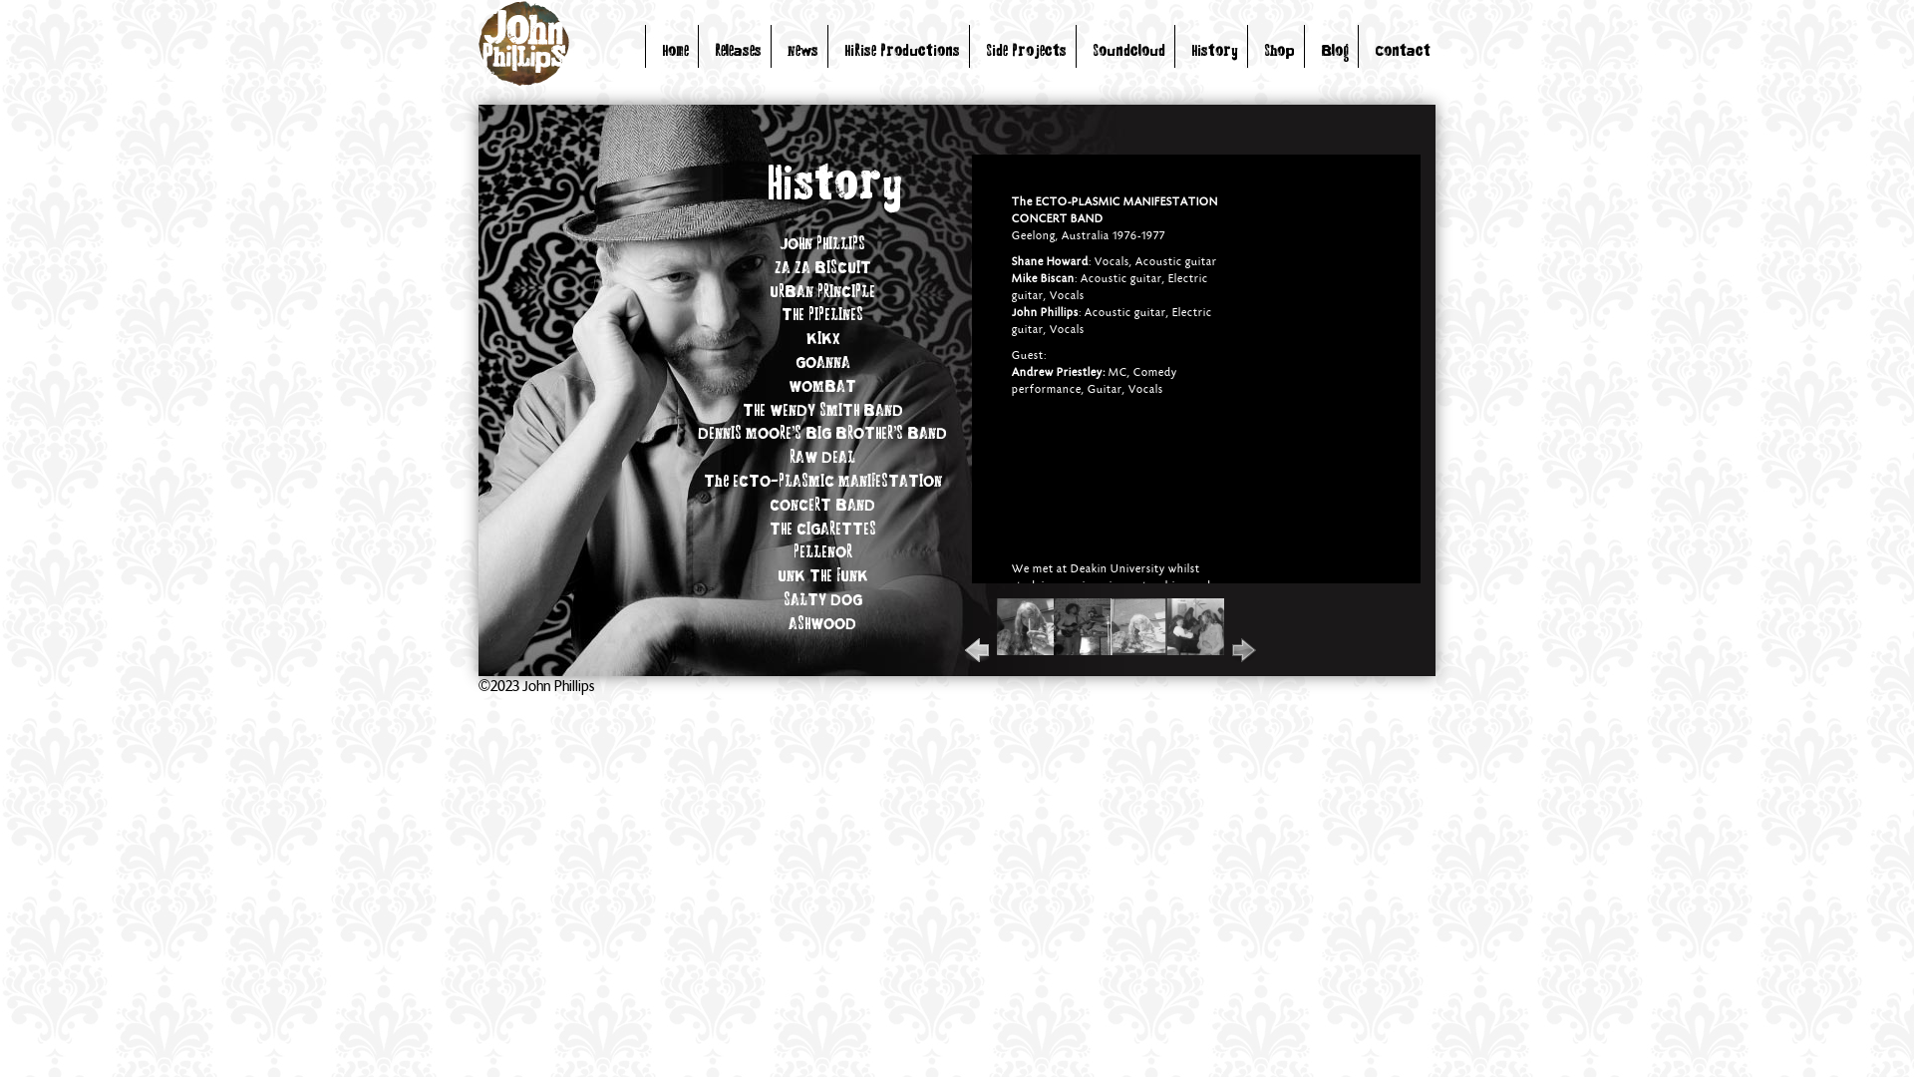 This screenshot has width=1914, height=1077. Describe the element at coordinates (1335, 51) in the screenshot. I see `'Blog'` at that location.